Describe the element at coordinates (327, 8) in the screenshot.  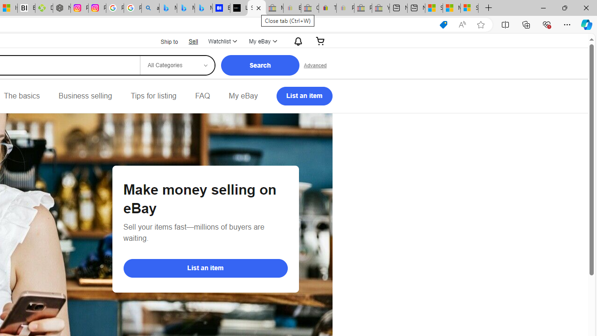
I see `'Threats and offensive language policy | eBay'` at that location.